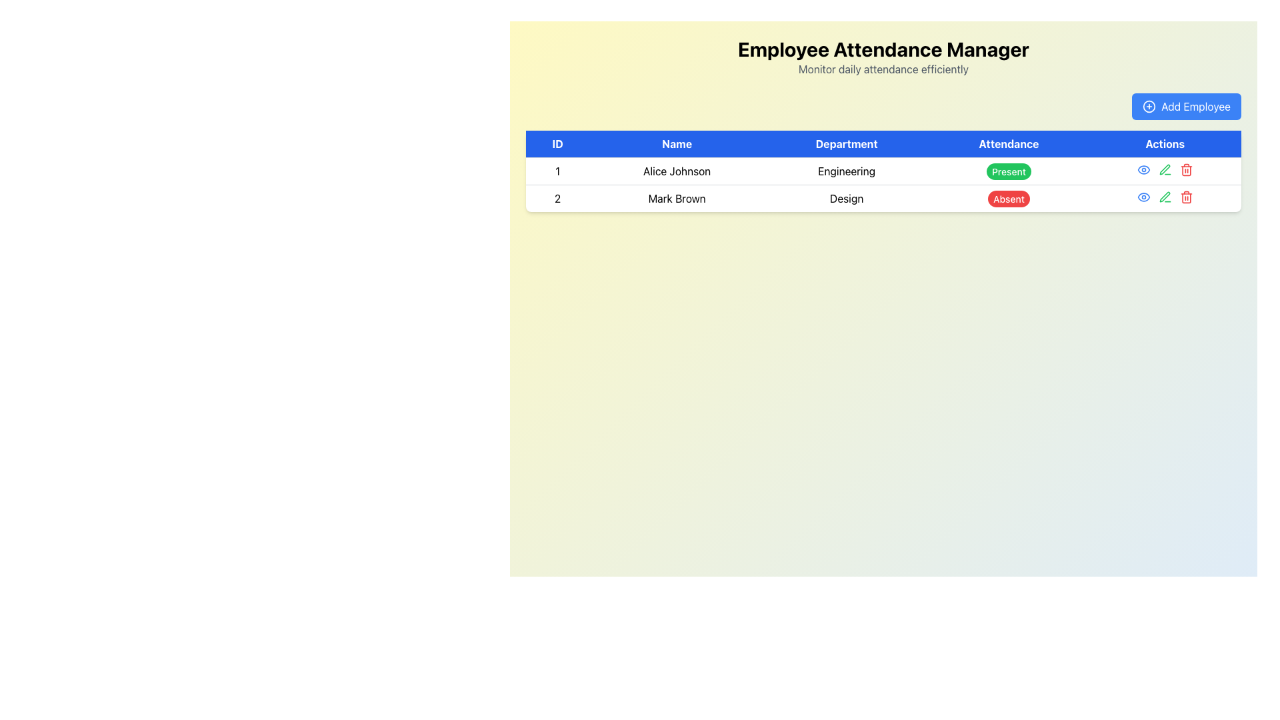 The image size is (1280, 720). What do you see at coordinates (1164, 197) in the screenshot?
I see `the green pen icon in the Actions column of the second row for employee 'Mark Brown'` at bounding box center [1164, 197].